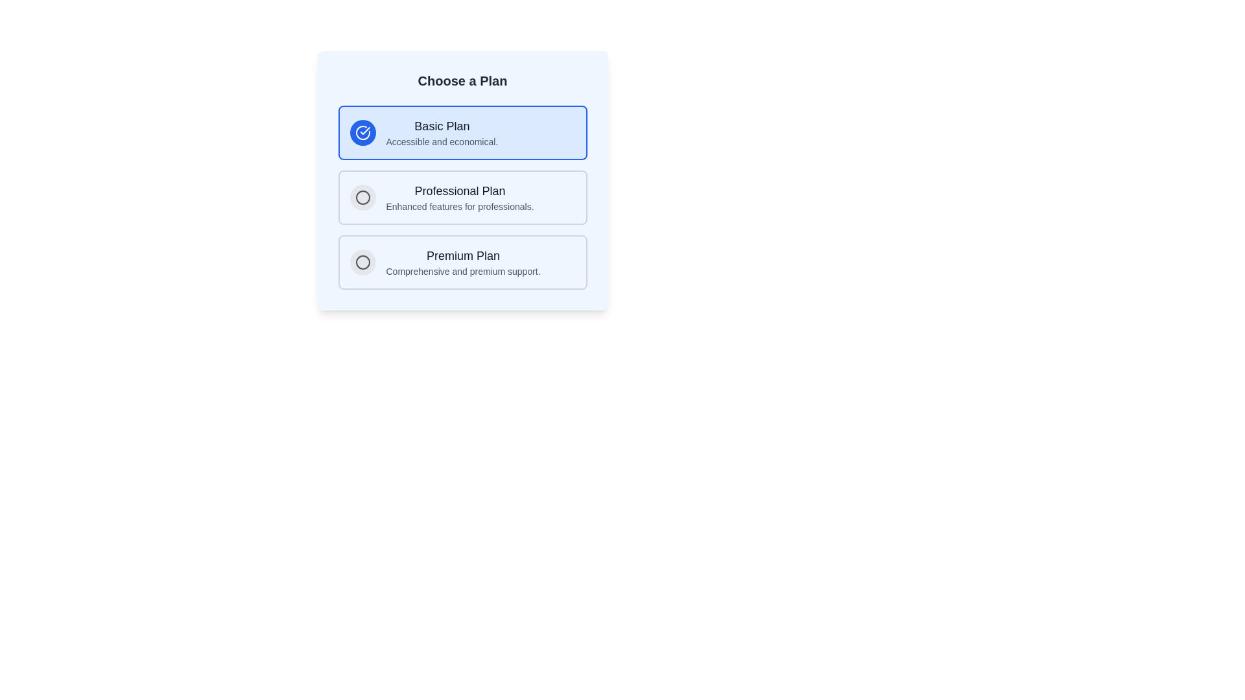  I want to click on the third selectable list item for the 'Premium Plan' option, so click(462, 262).